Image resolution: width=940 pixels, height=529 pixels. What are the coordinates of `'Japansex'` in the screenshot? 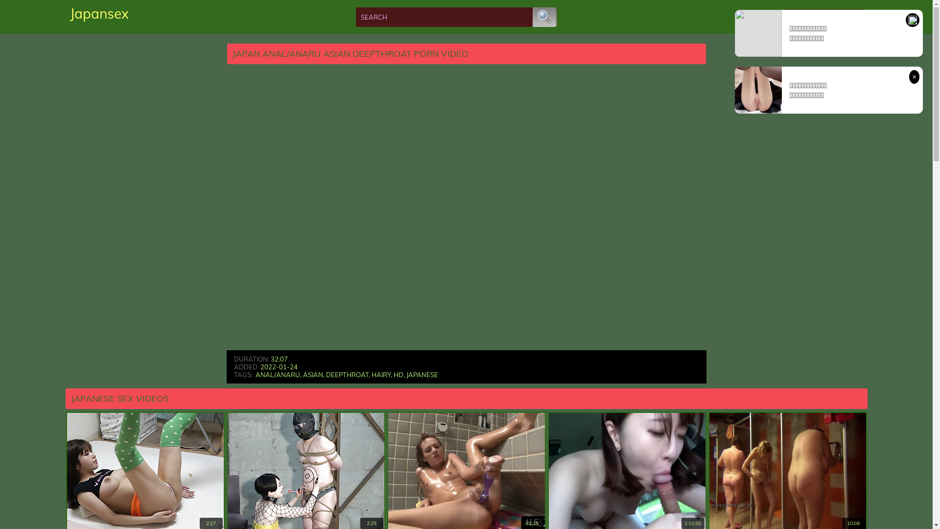 It's located at (98, 13).